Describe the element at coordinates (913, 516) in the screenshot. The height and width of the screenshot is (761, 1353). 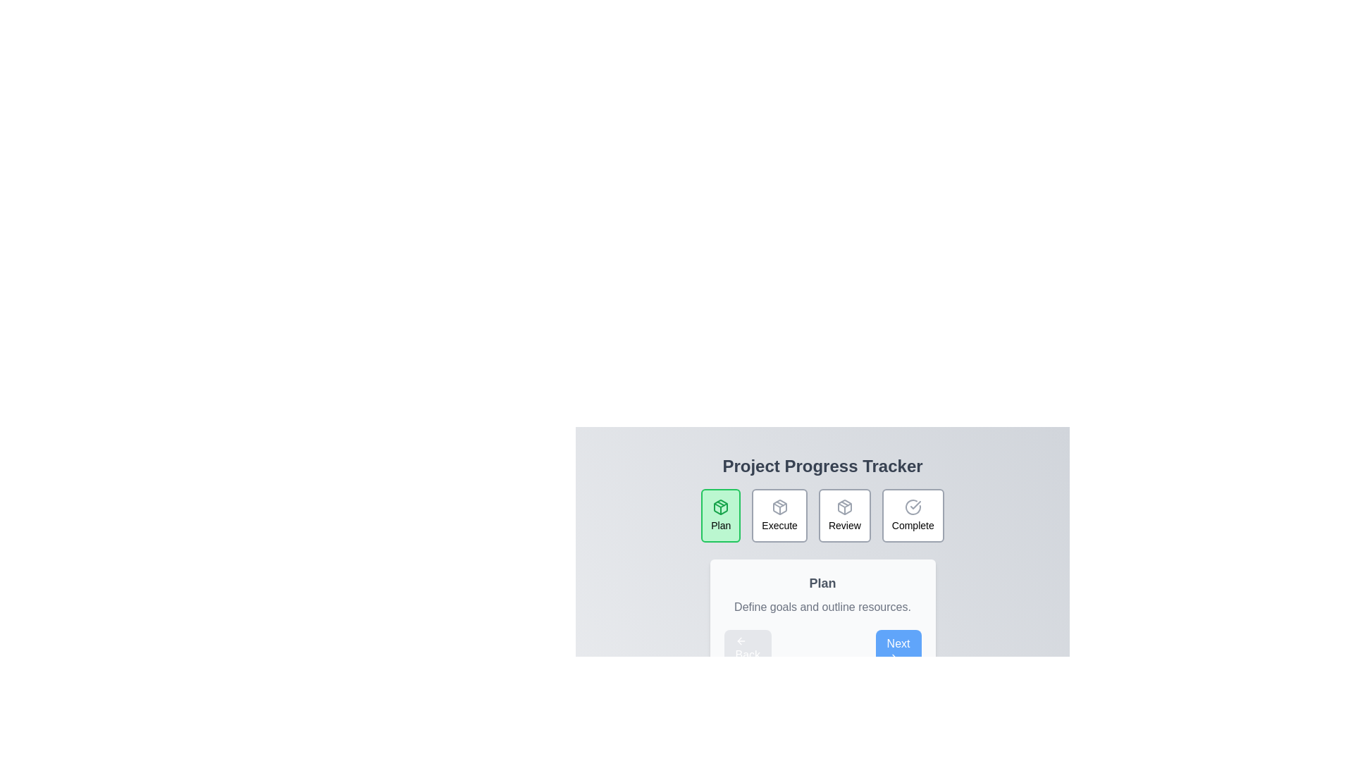
I see `the step labeled Complete to select it` at that location.